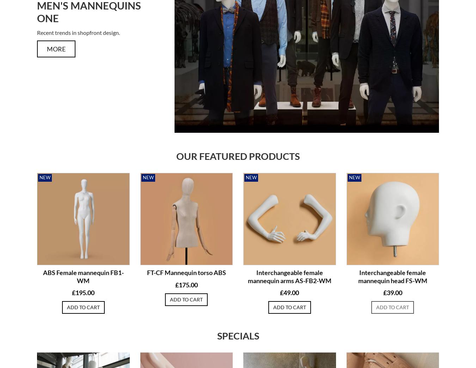 Image resolution: width=476 pixels, height=368 pixels. I want to click on 'FT-CF Mannequin torso ABS', so click(146, 273).